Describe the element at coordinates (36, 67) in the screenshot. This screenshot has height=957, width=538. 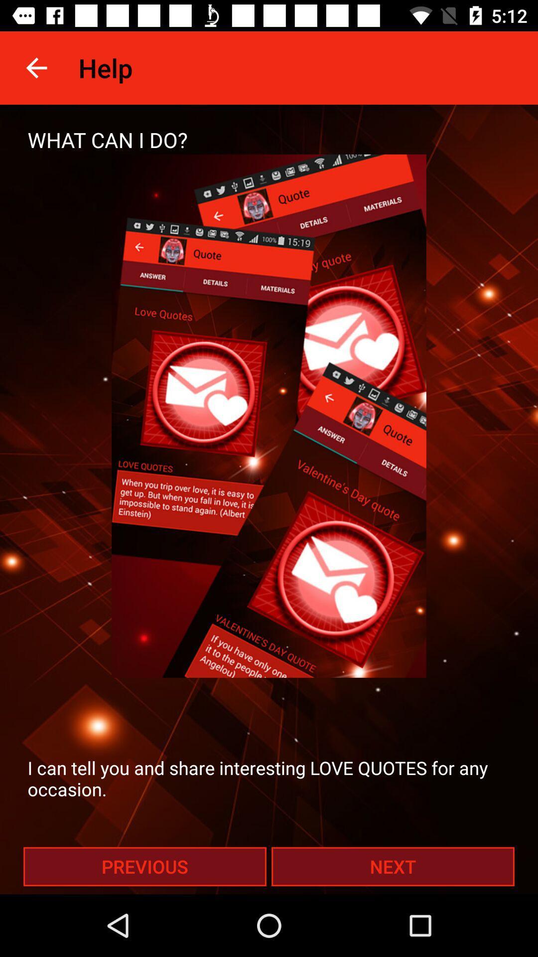
I see `icon next to help item` at that location.